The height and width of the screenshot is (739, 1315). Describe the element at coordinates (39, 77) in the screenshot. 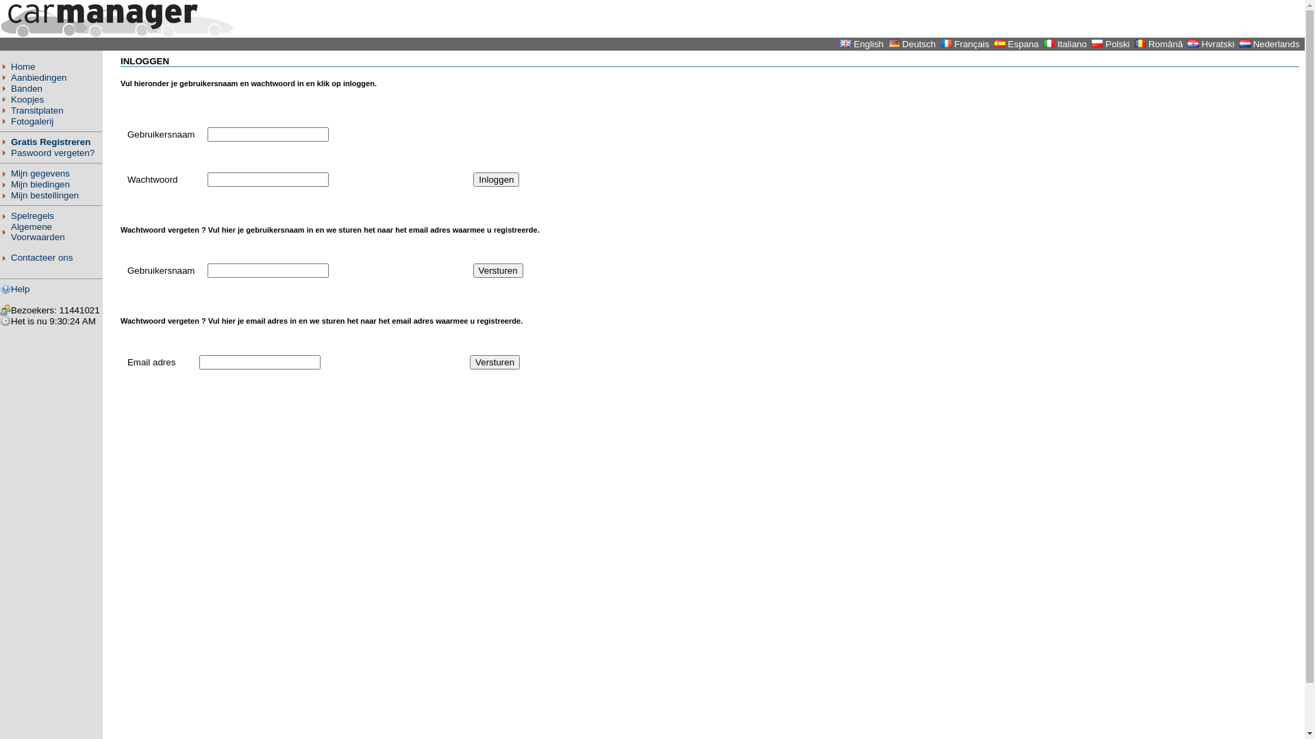

I see `'Aanbiedingen'` at that location.